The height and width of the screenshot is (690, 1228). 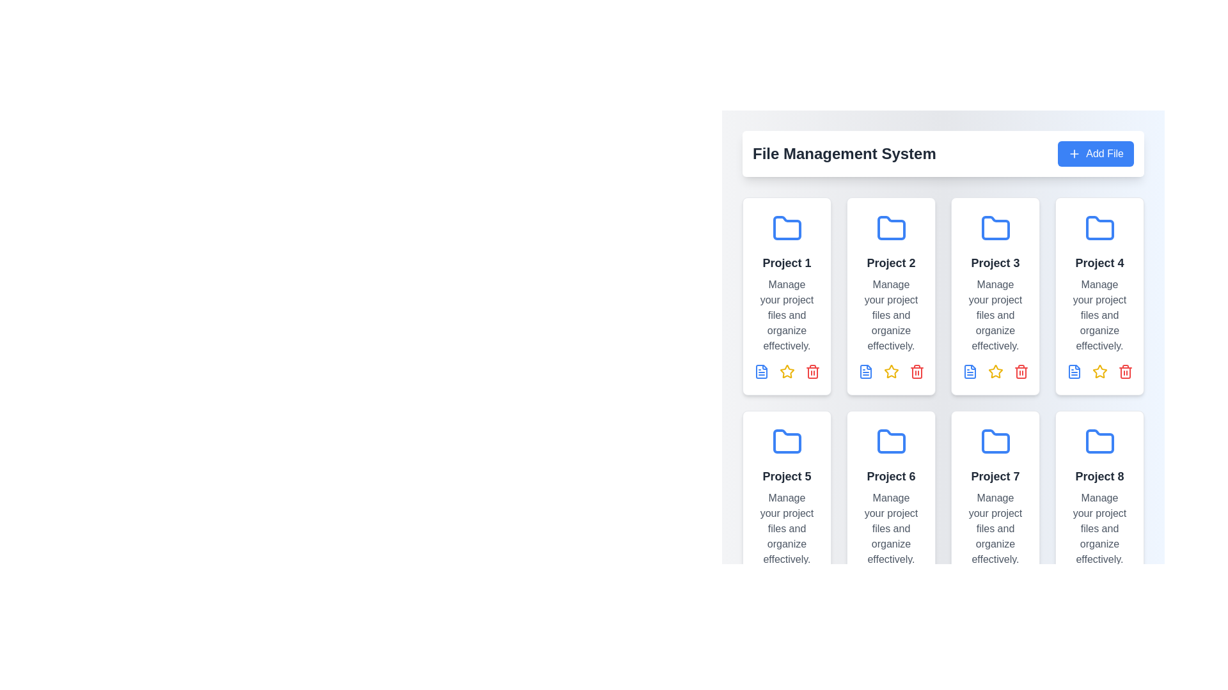 I want to click on the Text Label providing additional information about 'Project 6', positioned in the second row, second column of the grid layout, so click(x=890, y=529).